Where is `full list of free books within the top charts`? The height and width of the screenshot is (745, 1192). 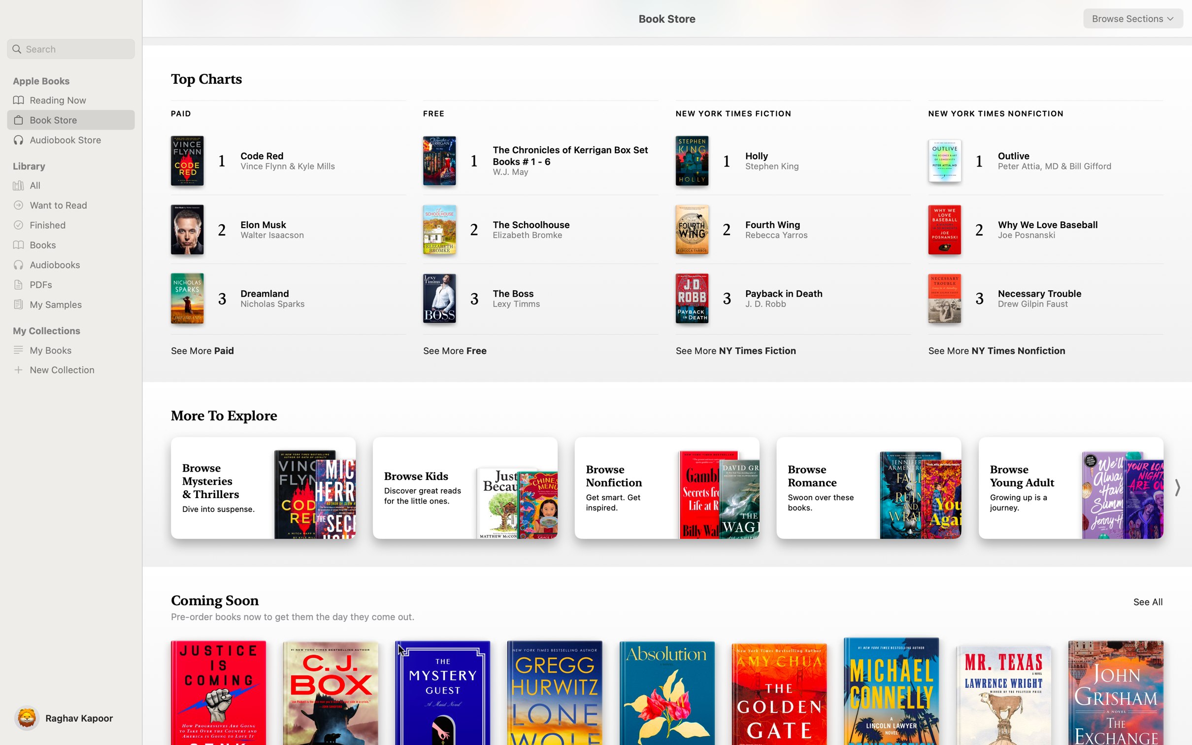 full list of free books within the top charts is located at coordinates (456, 349).